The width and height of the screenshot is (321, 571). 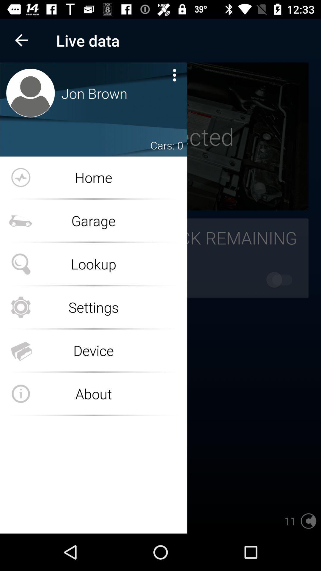 What do you see at coordinates (174, 75) in the screenshot?
I see `the more icon` at bounding box center [174, 75].